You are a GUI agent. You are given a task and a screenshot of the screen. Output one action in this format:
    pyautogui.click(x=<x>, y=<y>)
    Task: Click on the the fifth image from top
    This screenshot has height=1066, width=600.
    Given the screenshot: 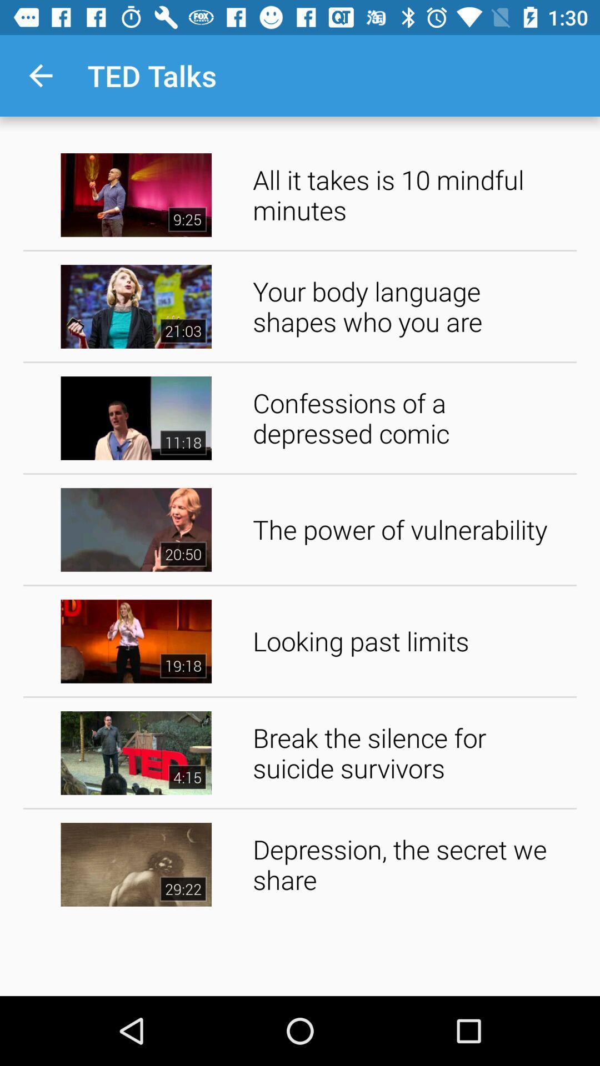 What is the action you would take?
    pyautogui.click(x=136, y=641)
    